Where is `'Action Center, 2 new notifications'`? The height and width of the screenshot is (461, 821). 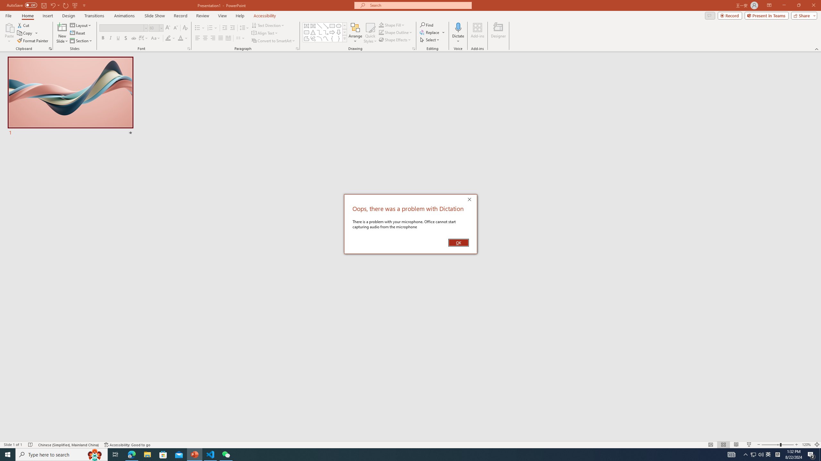 'Action Center, 2 new notifications' is located at coordinates (811, 454).